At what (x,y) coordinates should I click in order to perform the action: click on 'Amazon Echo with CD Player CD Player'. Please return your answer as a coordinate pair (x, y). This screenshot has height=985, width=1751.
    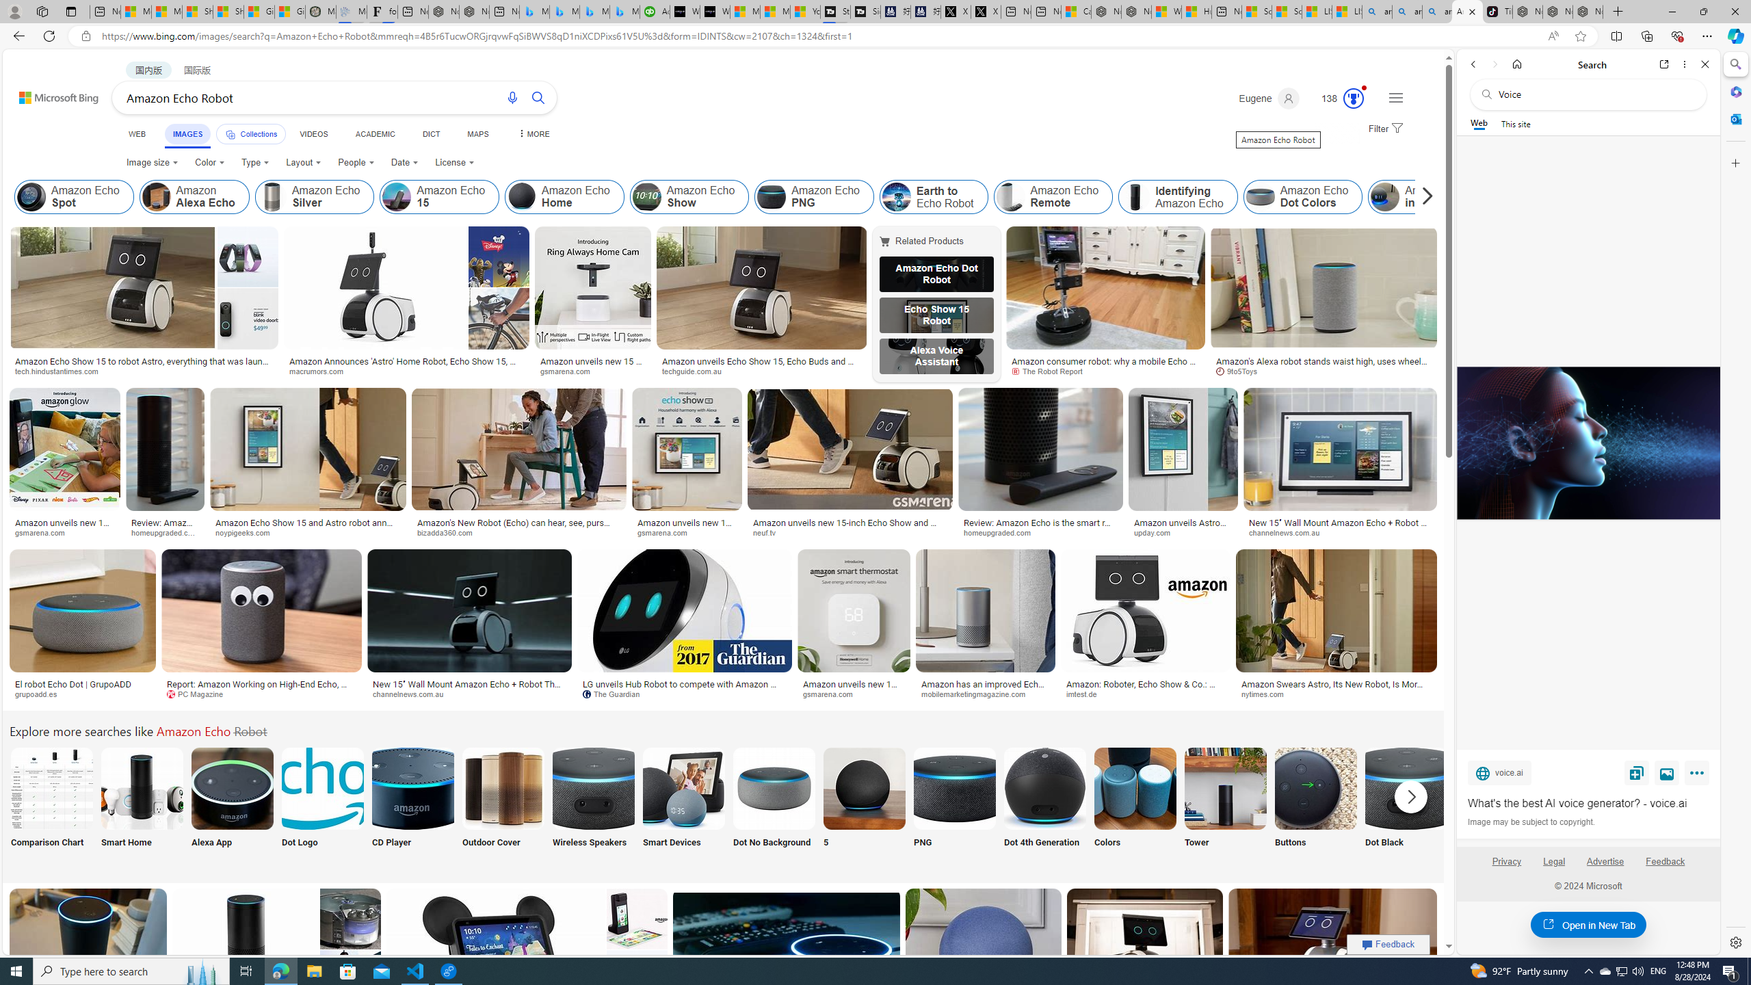
    Looking at the image, I should click on (412, 804).